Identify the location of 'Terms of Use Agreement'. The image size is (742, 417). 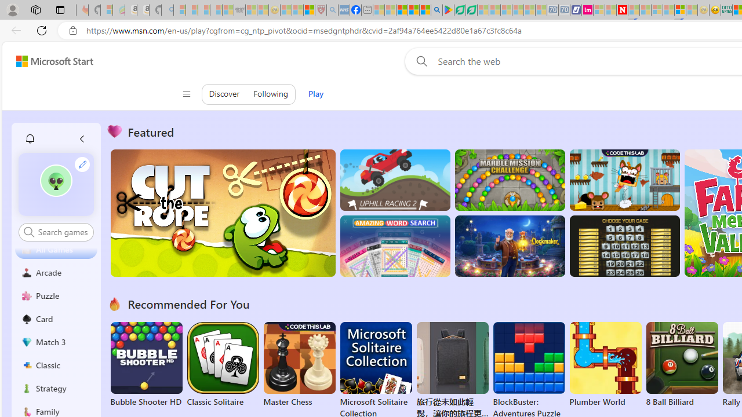
(459, 10).